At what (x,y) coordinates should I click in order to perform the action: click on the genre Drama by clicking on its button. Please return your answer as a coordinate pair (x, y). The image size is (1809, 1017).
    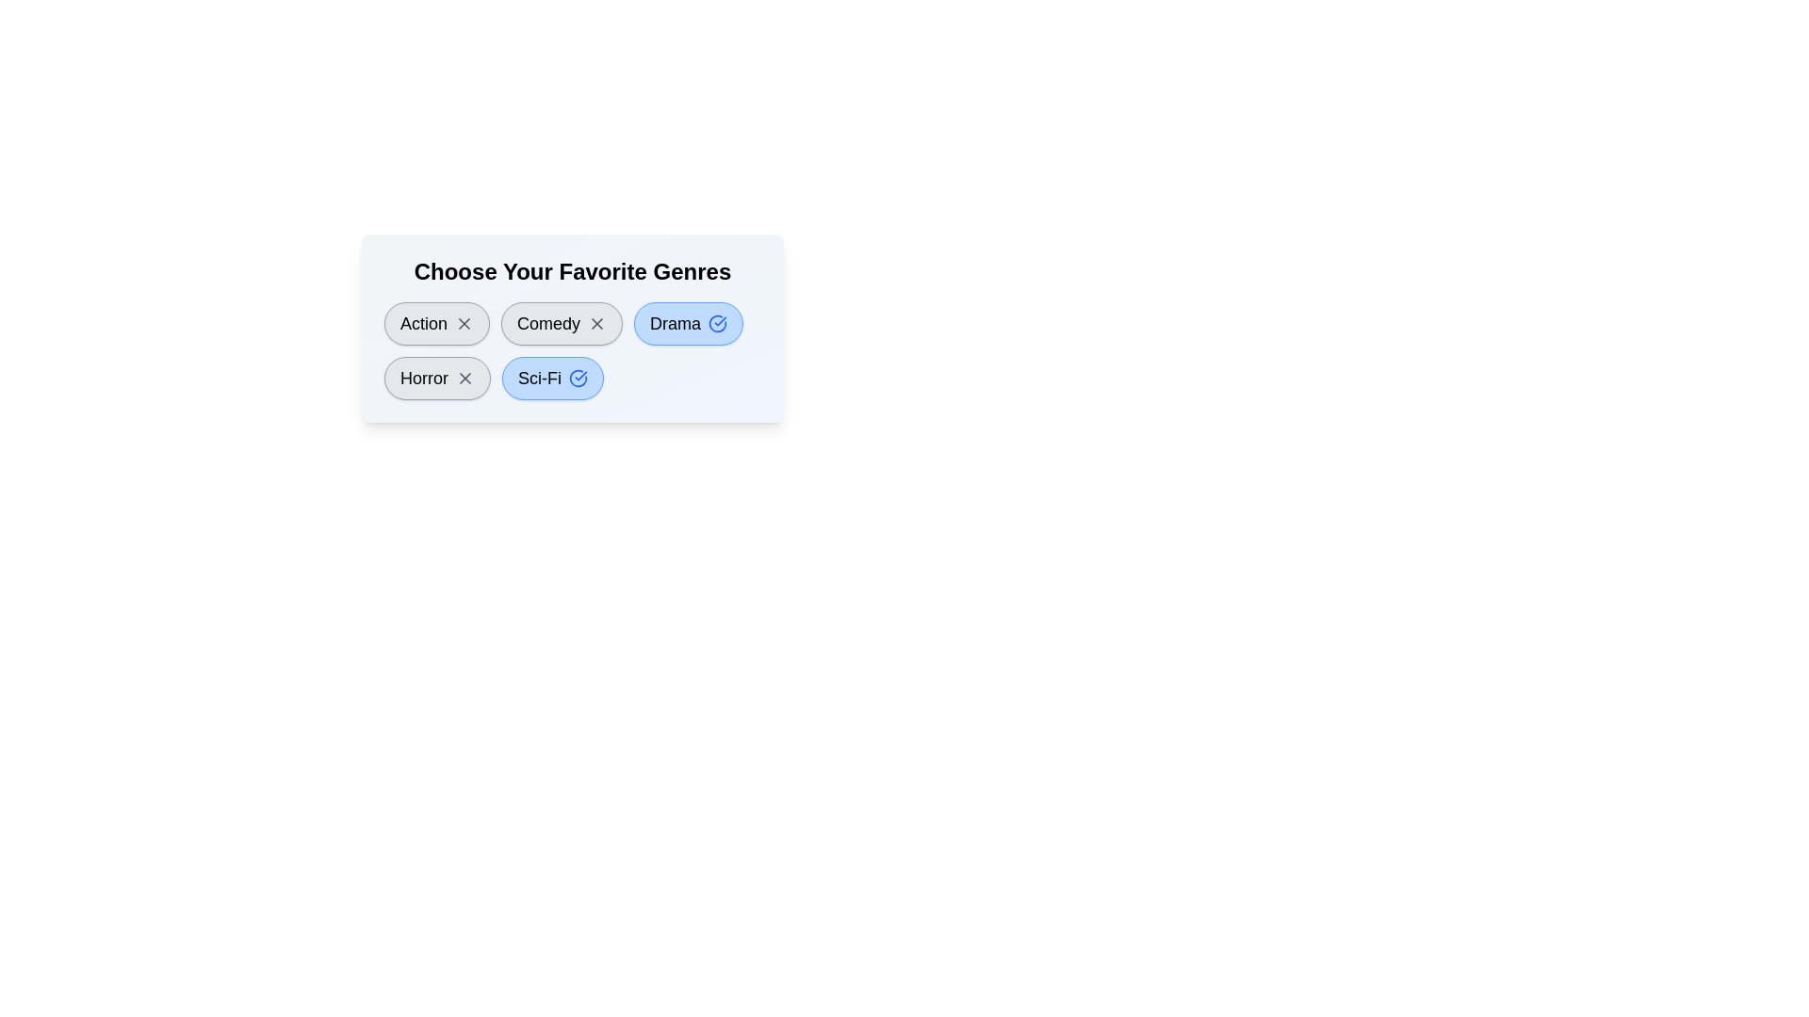
    Looking at the image, I should click on (688, 322).